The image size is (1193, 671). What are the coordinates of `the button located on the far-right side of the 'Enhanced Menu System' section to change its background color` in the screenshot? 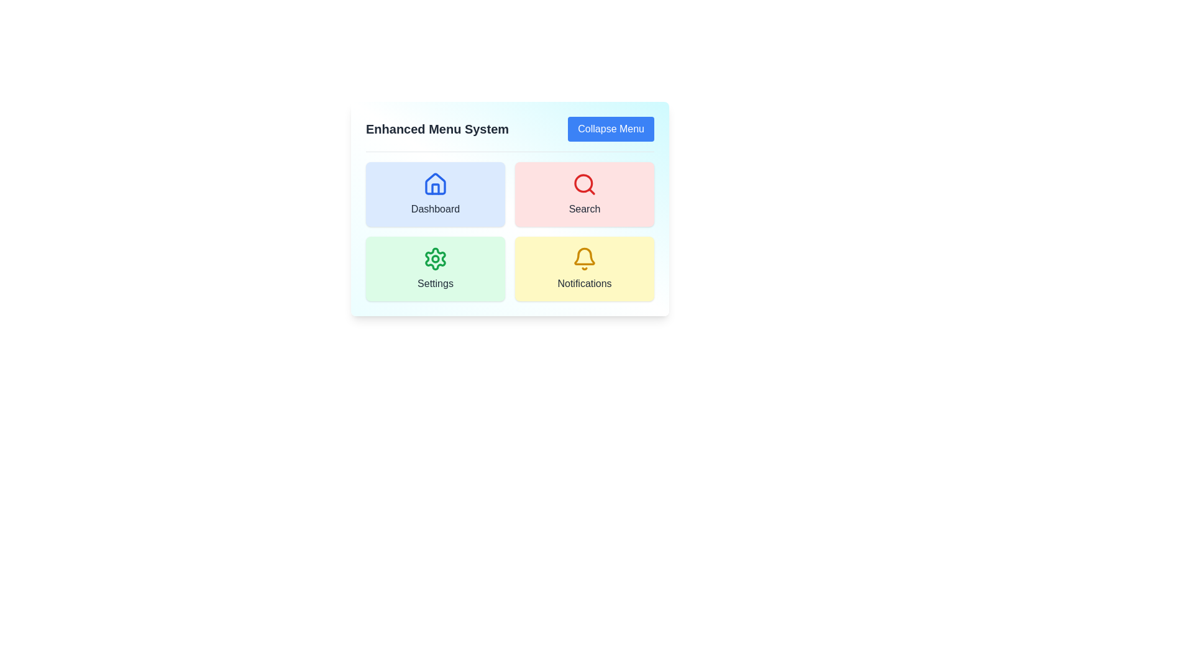 It's located at (611, 129).